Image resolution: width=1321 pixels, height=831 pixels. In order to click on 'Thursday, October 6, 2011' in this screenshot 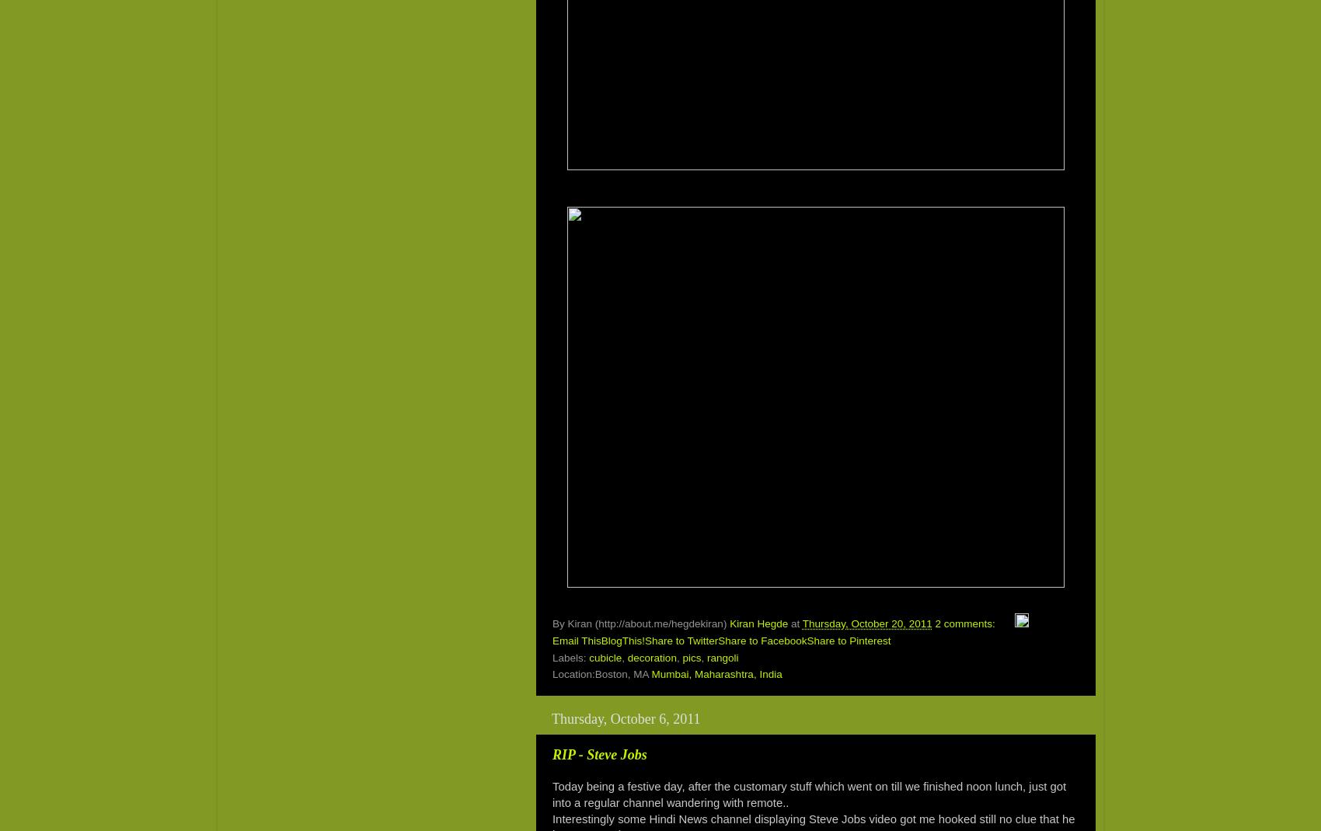, I will do `click(625, 718)`.